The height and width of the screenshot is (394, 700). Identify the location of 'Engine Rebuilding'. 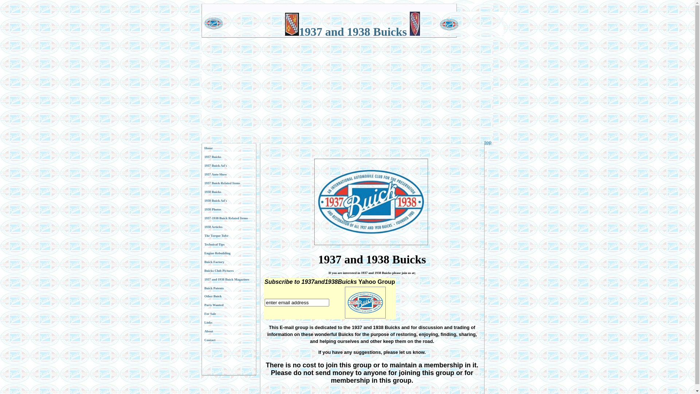
(228, 253).